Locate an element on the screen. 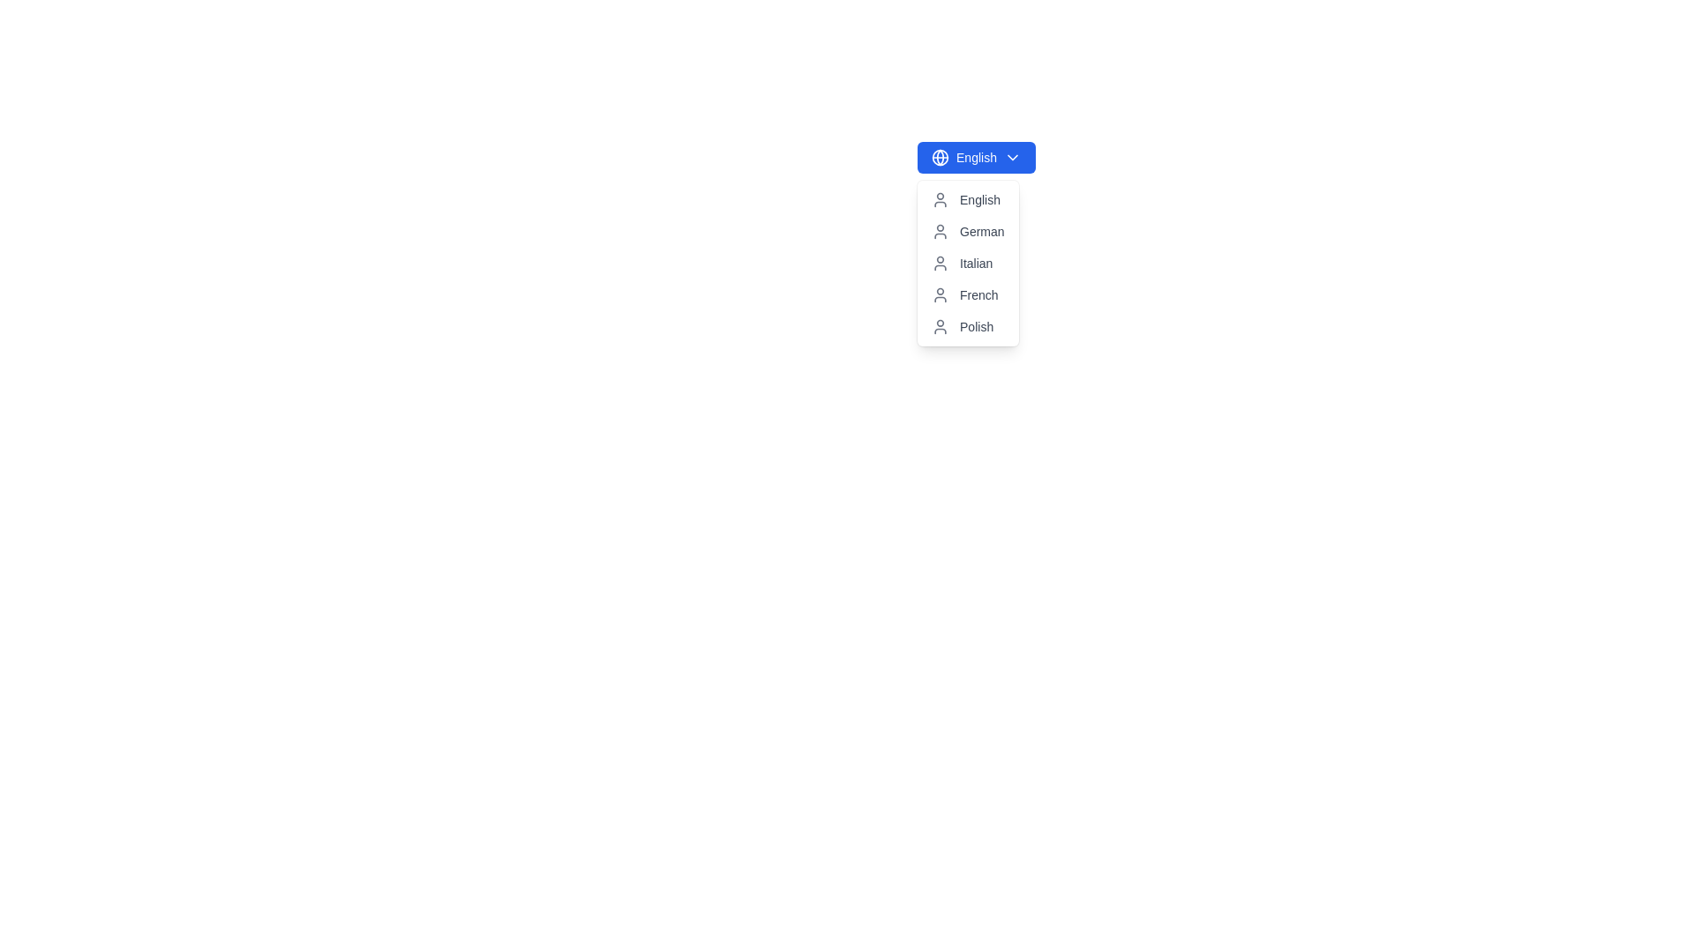  the chevron-down icon located on the blue button labeled 'English' is located at coordinates (1012, 156).